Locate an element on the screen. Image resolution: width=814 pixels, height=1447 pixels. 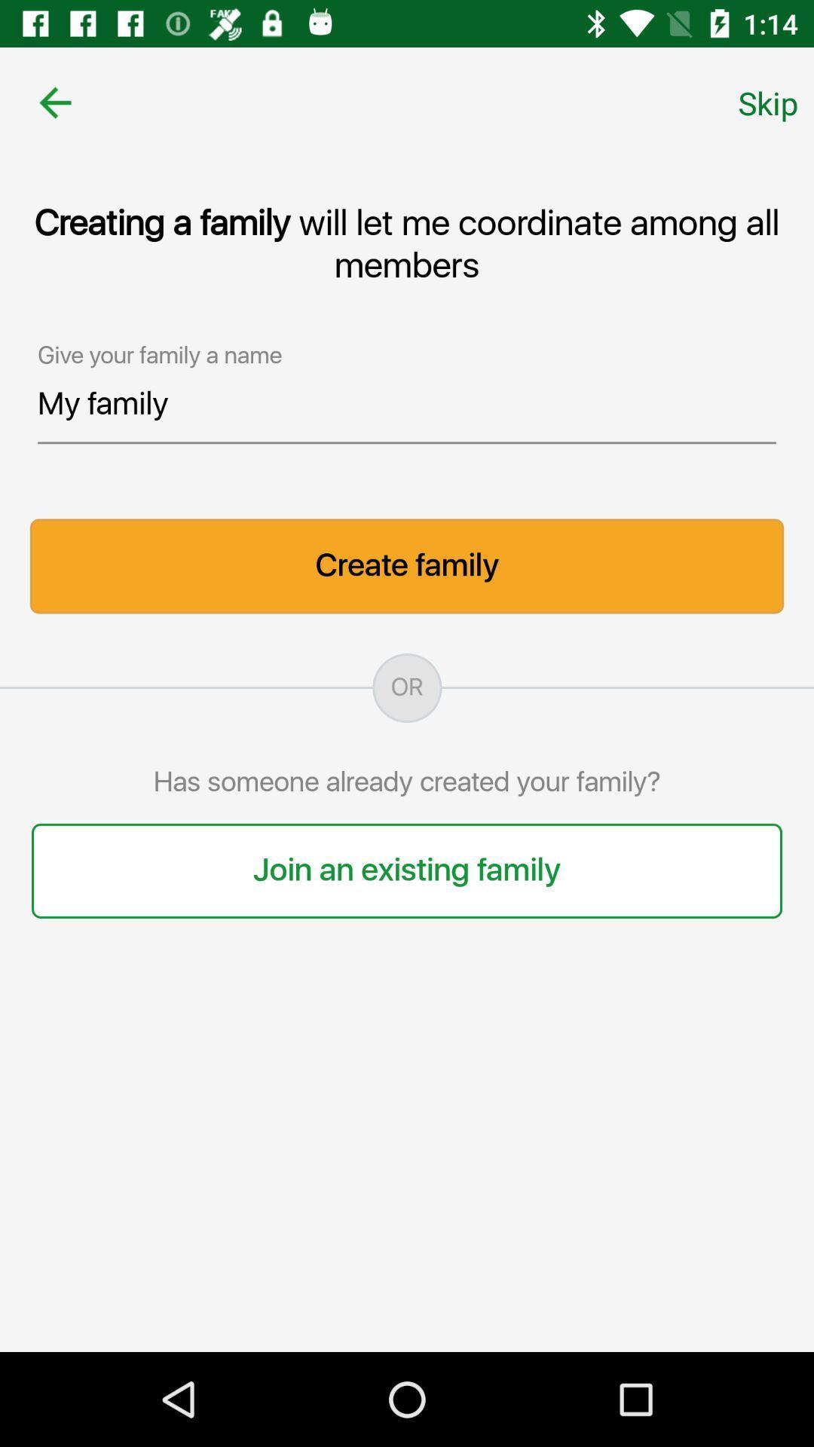
the icon above has someone already icon is located at coordinates (407, 687).